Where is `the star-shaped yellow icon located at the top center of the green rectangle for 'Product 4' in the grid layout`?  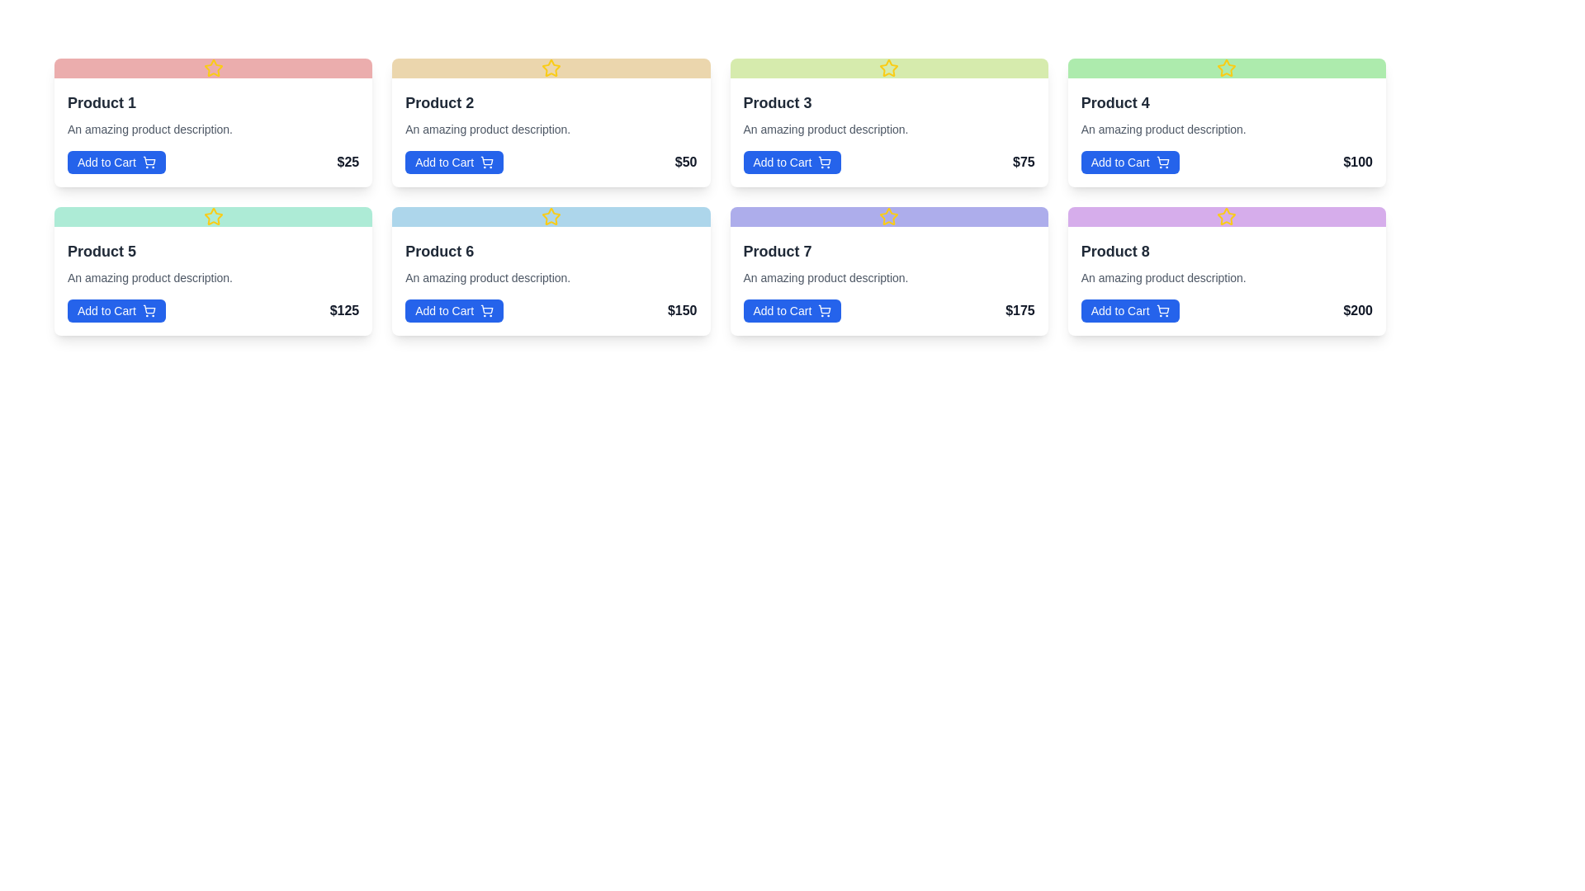
the star-shaped yellow icon located at the top center of the green rectangle for 'Product 4' in the grid layout is located at coordinates (1227, 67).